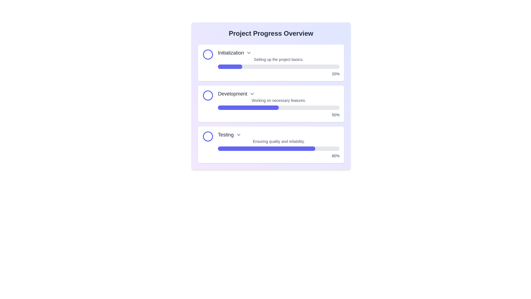 The height and width of the screenshot is (299, 531). Describe the element at coordinates (279, 100) in the screenshot. I see `the contextual Text label located below the 'Development' title and above the progress bar, which provides additional information about the Development section` at that location.